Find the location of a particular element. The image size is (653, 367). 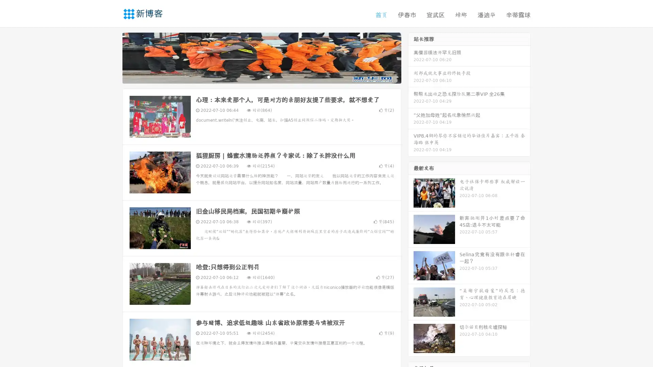

Go to slide 1 is located at coordinates (254, 76).